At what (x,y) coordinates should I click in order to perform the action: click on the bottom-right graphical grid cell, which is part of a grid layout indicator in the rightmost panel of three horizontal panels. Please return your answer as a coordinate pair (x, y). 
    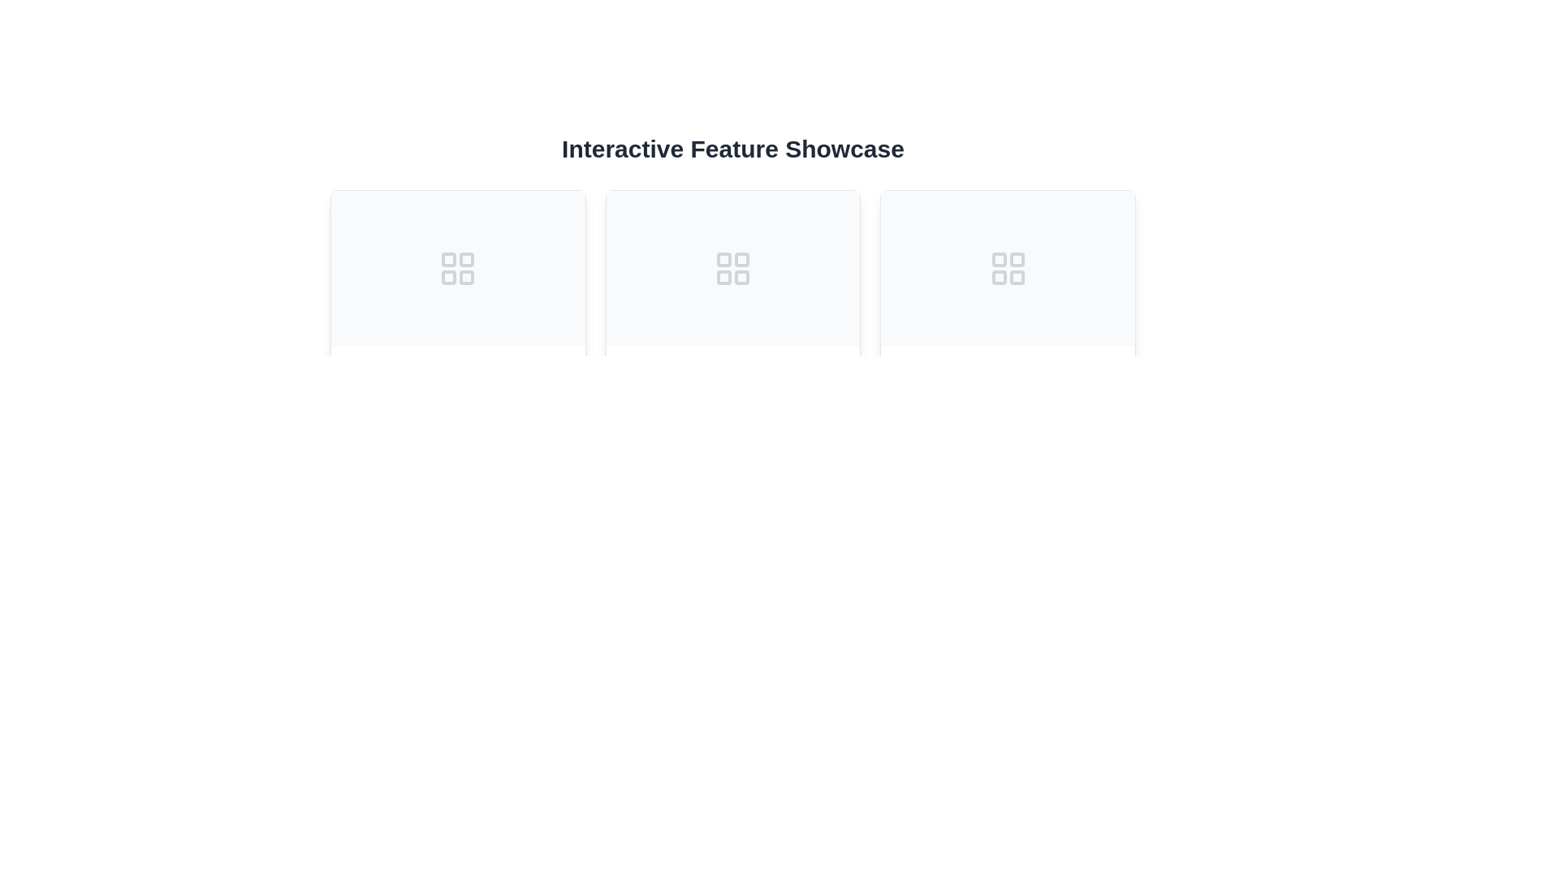
    Looking at the image, I should click on (1016, 277).